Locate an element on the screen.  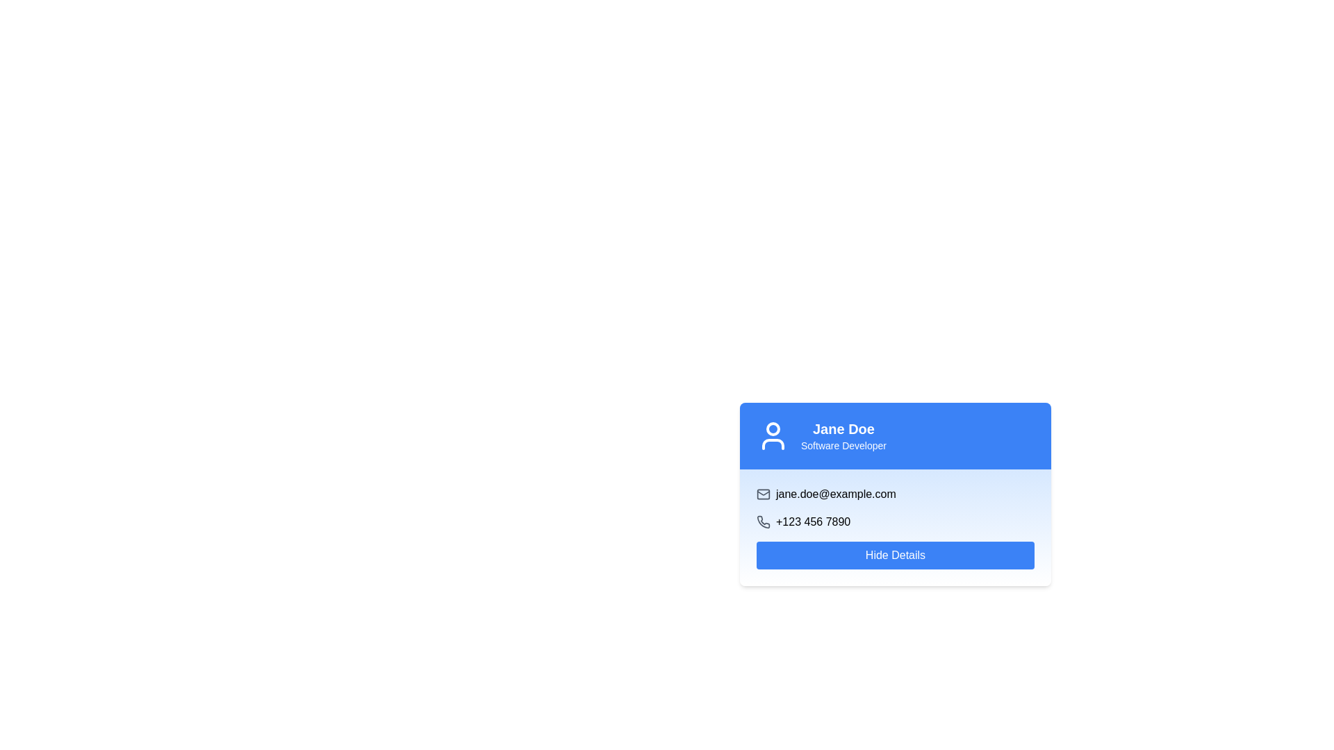
the 'Jane Doe' text label, which is displayed in bold white font on a blue background, located at the upper segment of the user information card is located at coordinates (843, 428).